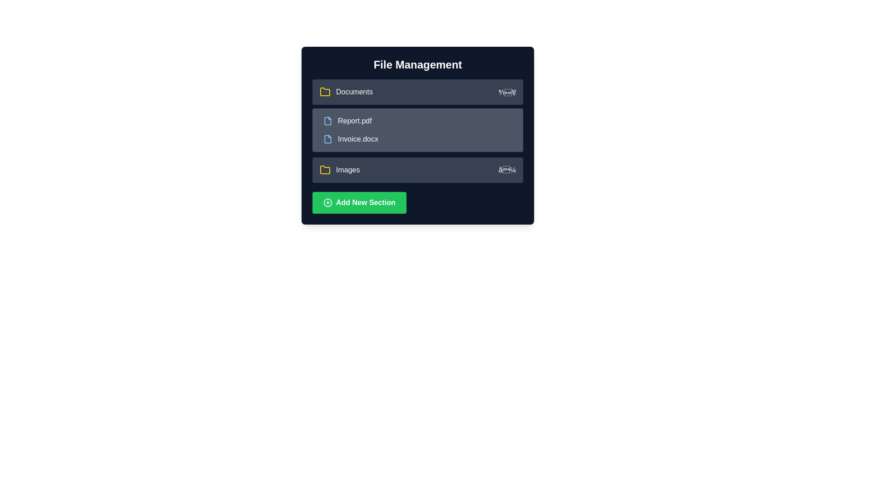 The height and width of the screenshot is (490, 872). I want to click on the second file item titled 'Invoice.docx', so click(417, 139).